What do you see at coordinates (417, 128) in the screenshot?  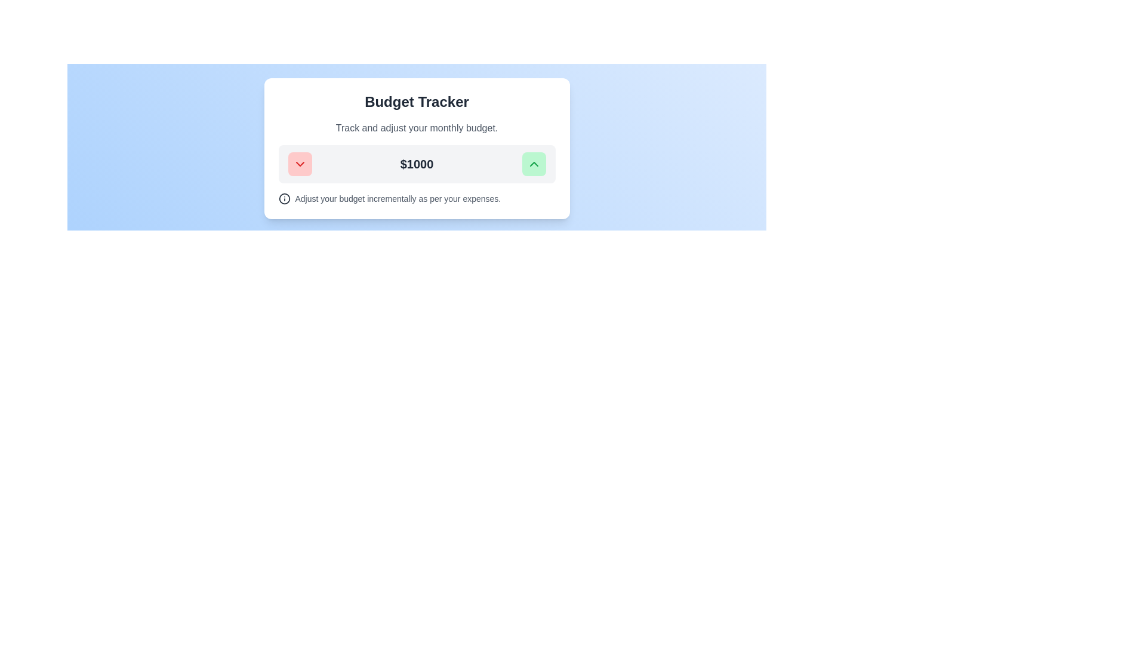 I see `the descriptive label text for the budget tracking tool, which is the second element after the header 'Budget Tracker'` at bounding box center [417, 128].